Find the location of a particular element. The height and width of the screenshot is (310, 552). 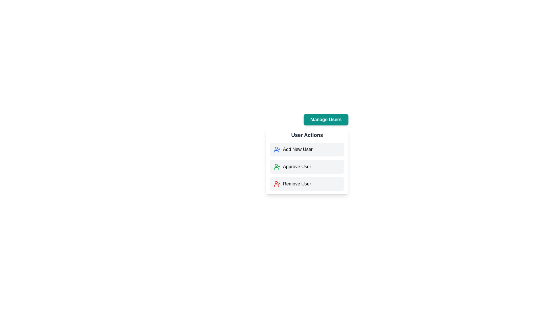

the second button in the vertical stack of the dropdown menu labeled 'User Actions' is located at coordinates (307, 161).